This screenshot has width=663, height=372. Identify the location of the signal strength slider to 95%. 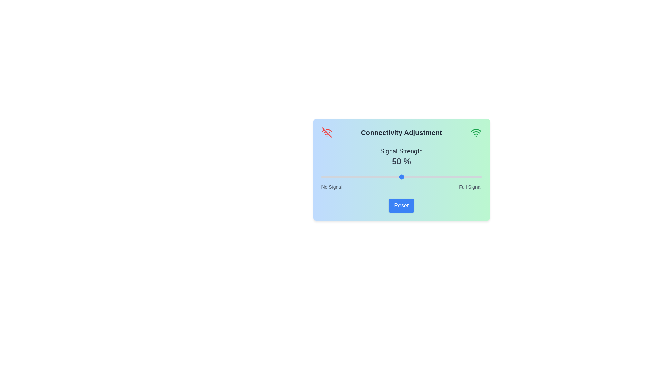
(473, 176).